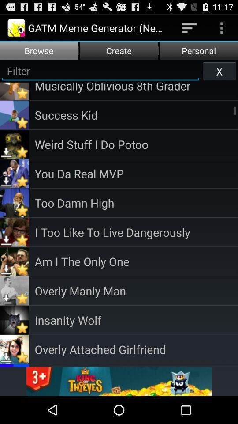  Describe the element at coordinates (136, 261) in the screenshot. I see `the icon below the i too like item` at that location.